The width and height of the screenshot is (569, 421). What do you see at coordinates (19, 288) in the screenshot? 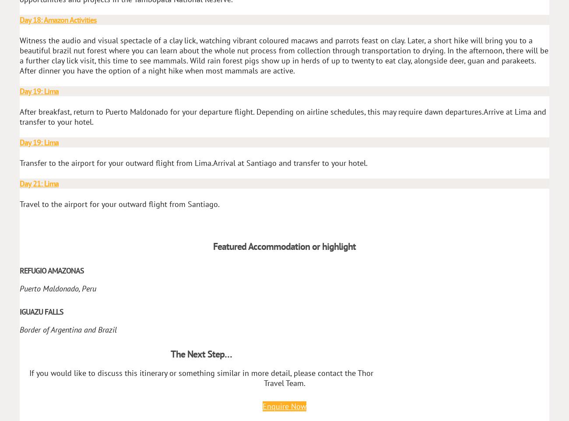
I see `'Puerto Maldonado, Peru'` at bounding box center [19, 288].